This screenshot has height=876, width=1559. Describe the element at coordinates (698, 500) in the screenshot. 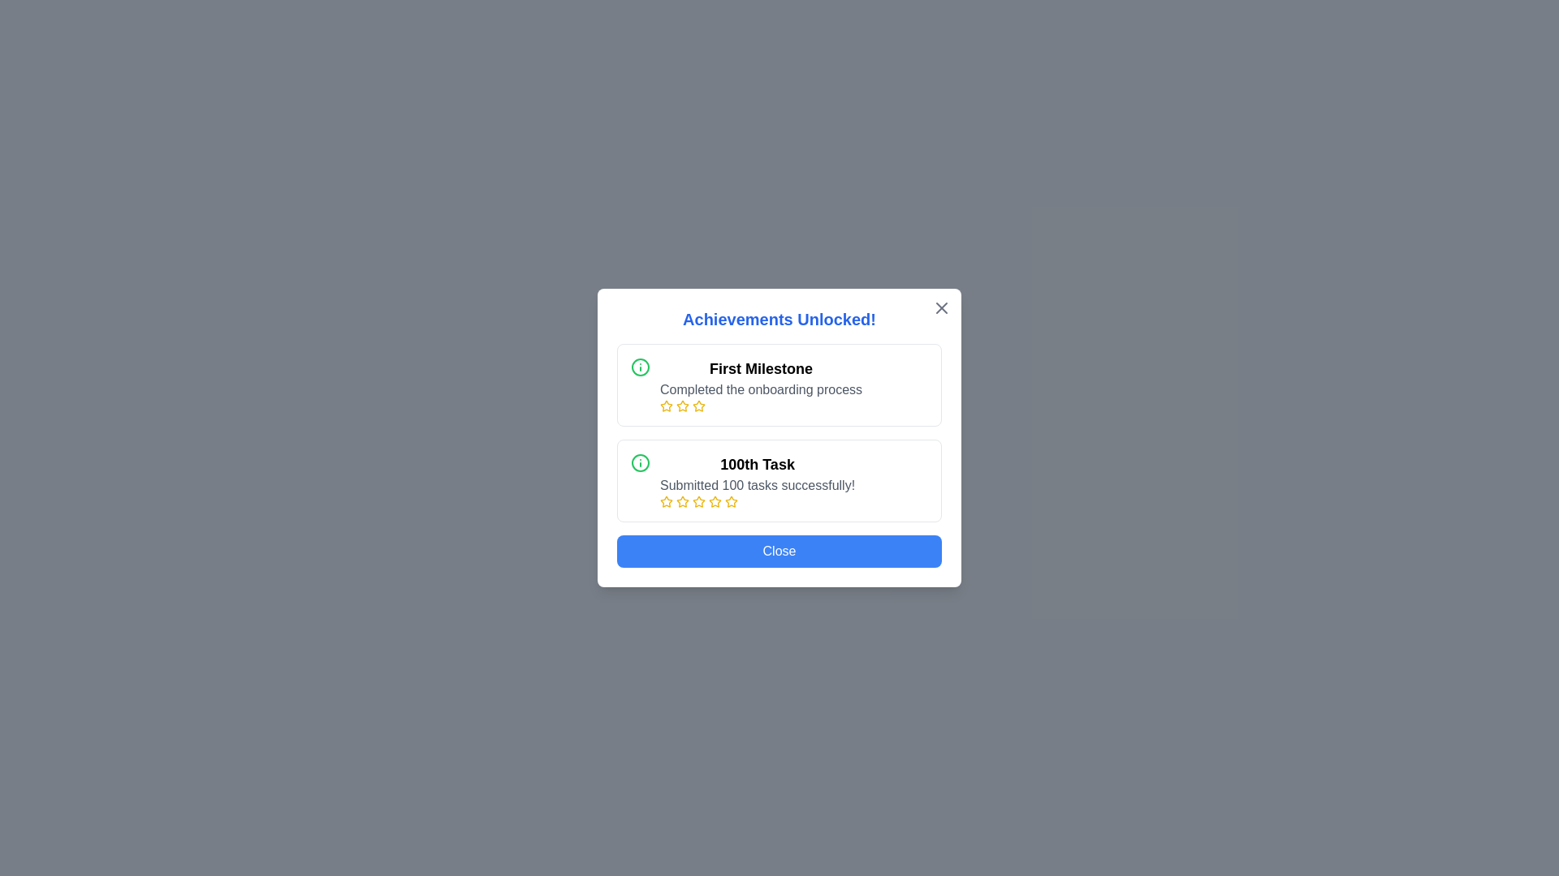

I see `the fourth star-shaped icon with a yellow stroke located below the '100th Task' achievement title to interact with it` at that location.